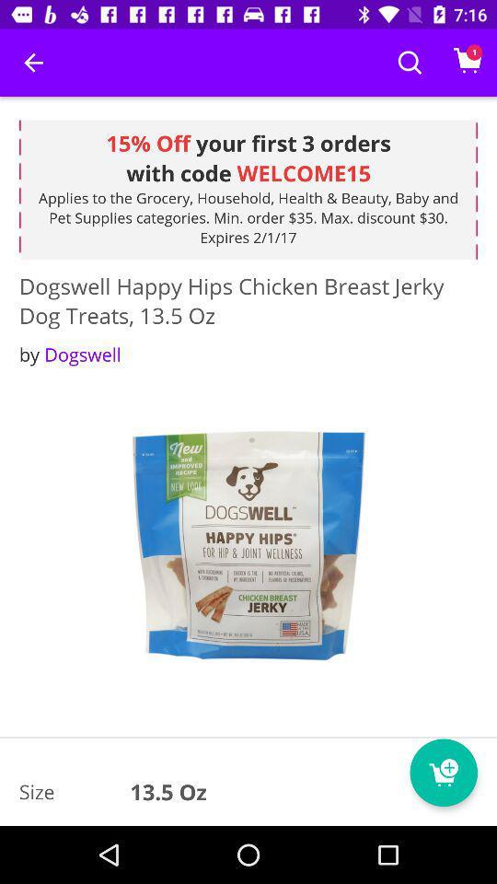 The height and width of the screenshot is (884, 497). Describe the element at coordinates (248, 547) in the screenshot. I see `open product photo` at that location.